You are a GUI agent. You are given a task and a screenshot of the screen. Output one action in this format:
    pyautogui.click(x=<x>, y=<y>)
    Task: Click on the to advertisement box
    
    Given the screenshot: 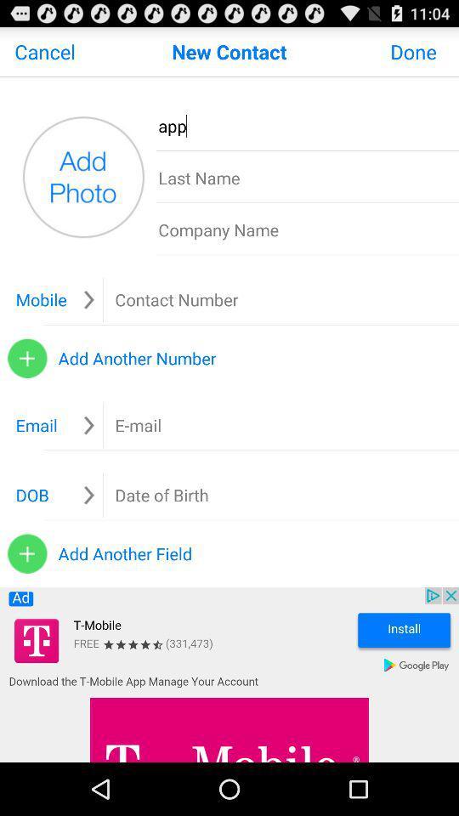 What is the action you would take?
    pyautogui.click(x=229, y=675)
    